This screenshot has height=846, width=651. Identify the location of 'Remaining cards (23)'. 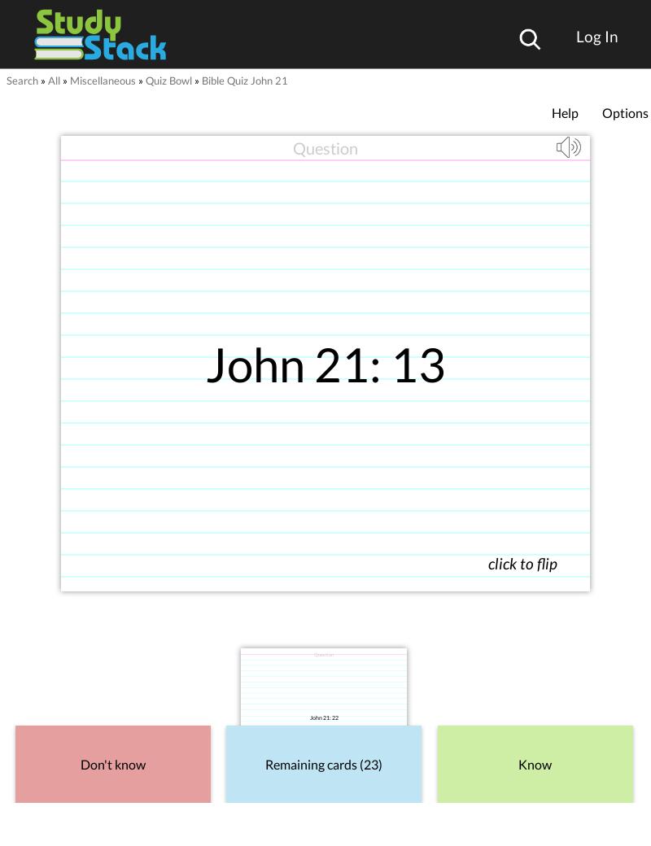
(323, 763).